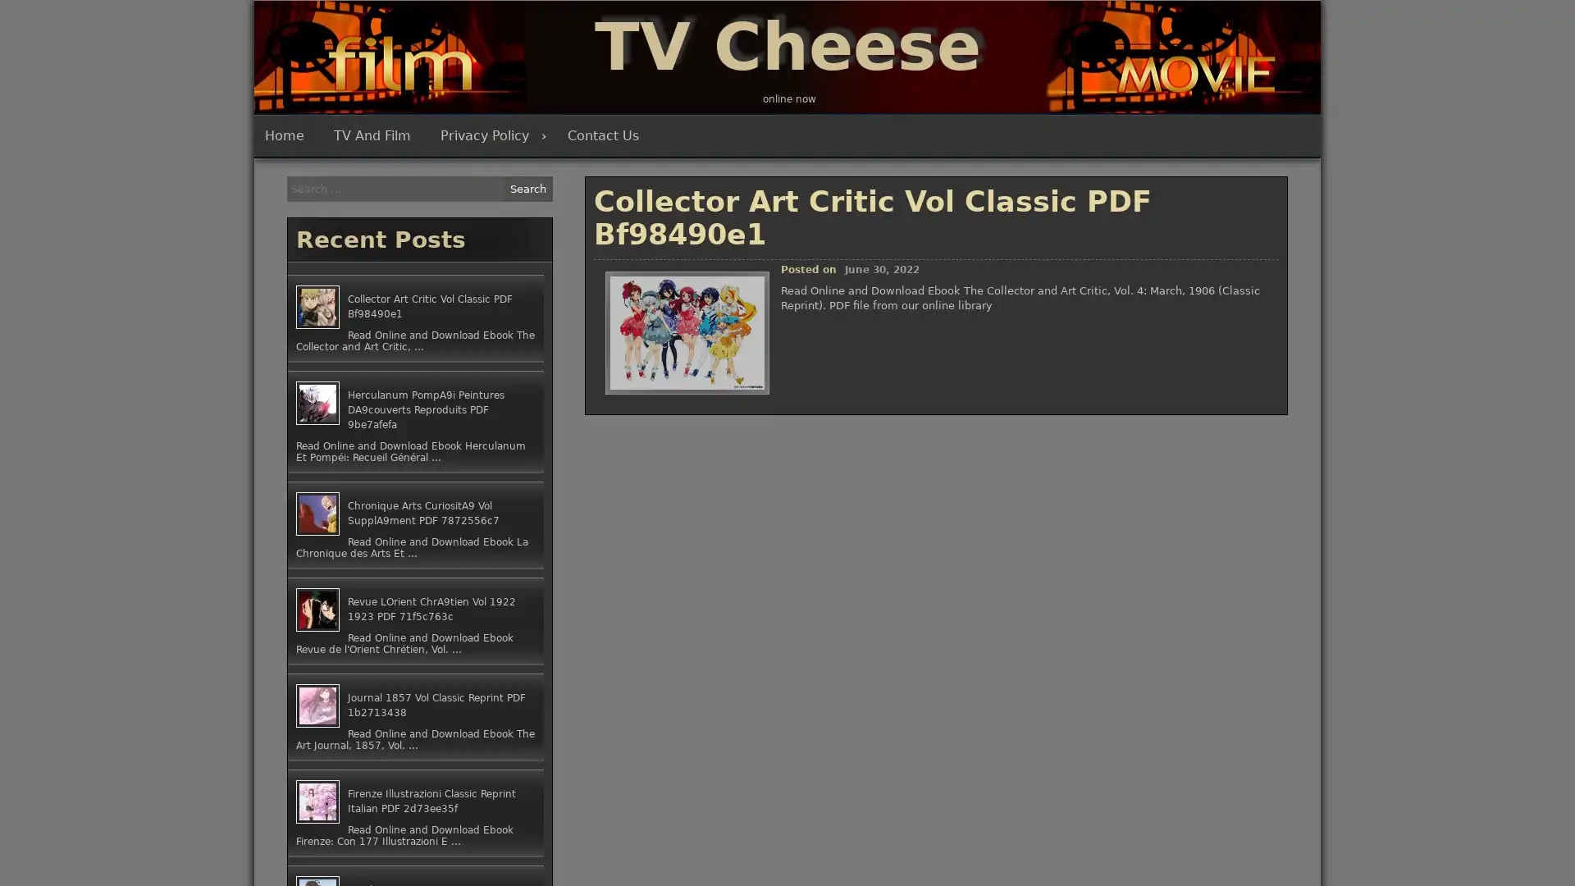 The image size is (1575, 886). What do you see at coordinates (527, 188) in the screenshot?
I see `Search` at bounding box center [527, 188].